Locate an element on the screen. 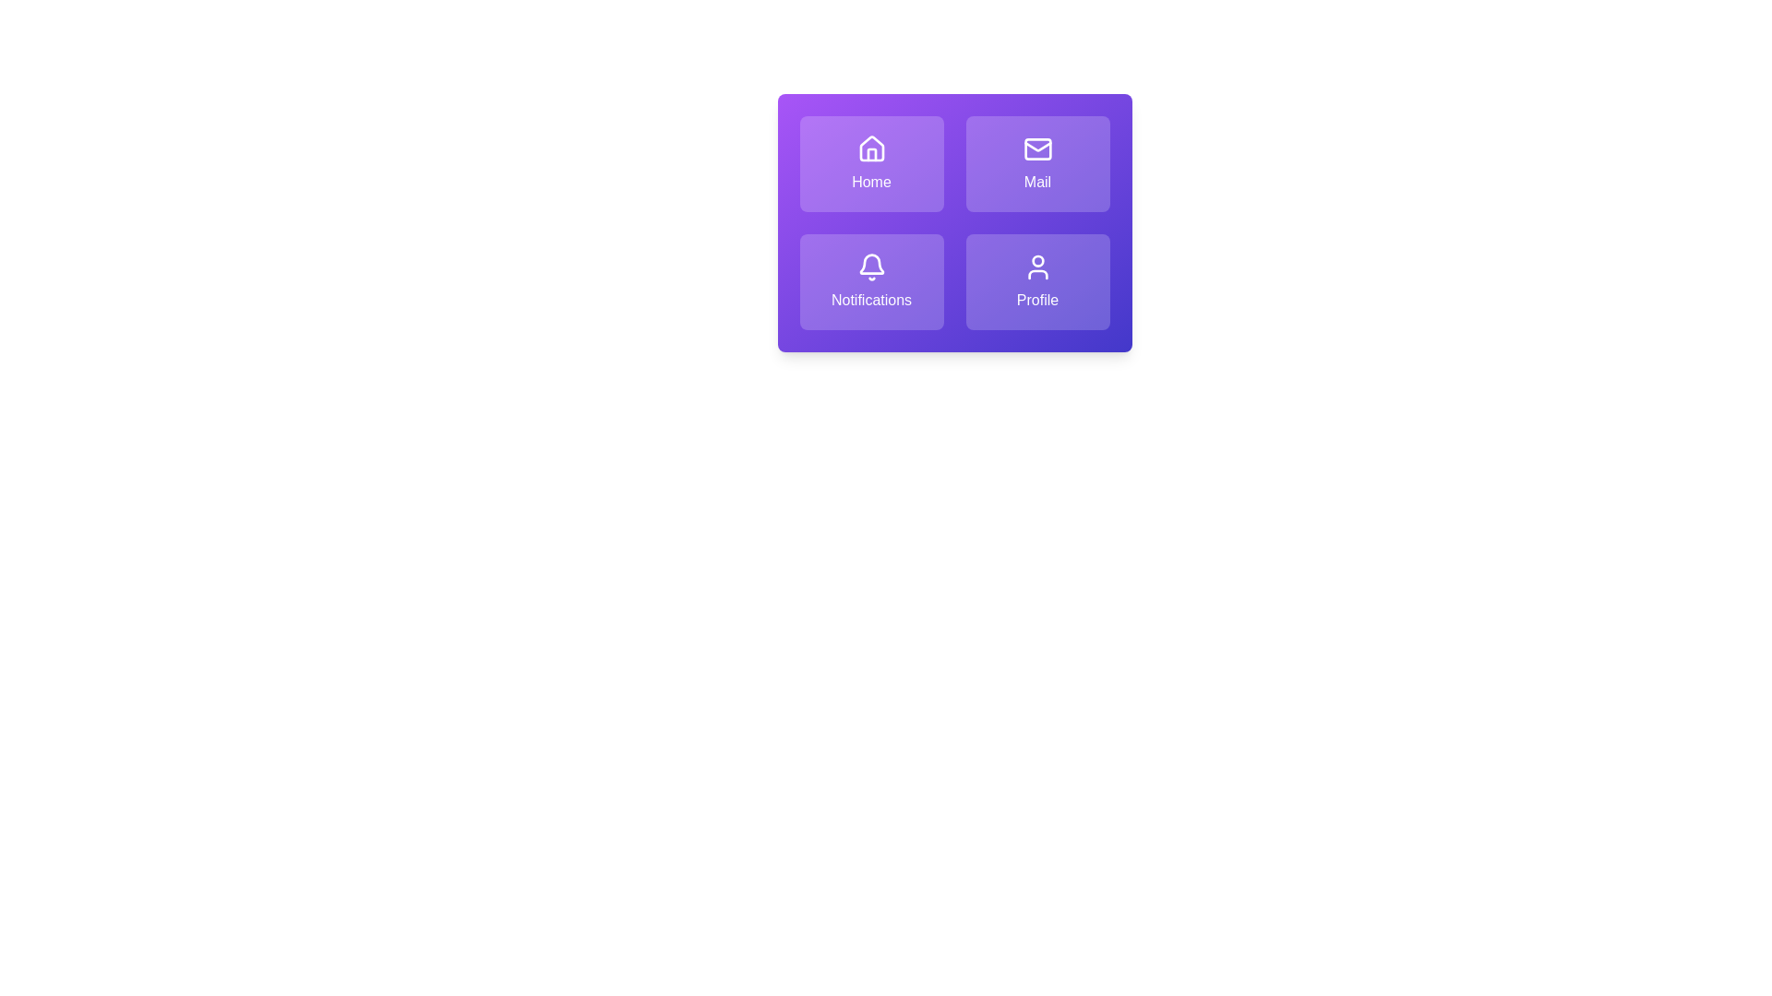 This screenshot has width=1772, height=996. the tile labeled Mail to activate its action is located at coordinates (1037, 162).